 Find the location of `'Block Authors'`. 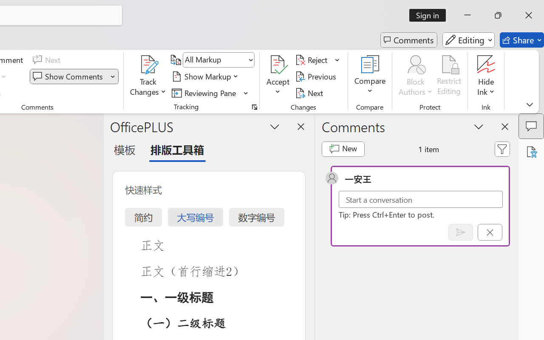

'Block Authors' is located at coordinates (415, 64).